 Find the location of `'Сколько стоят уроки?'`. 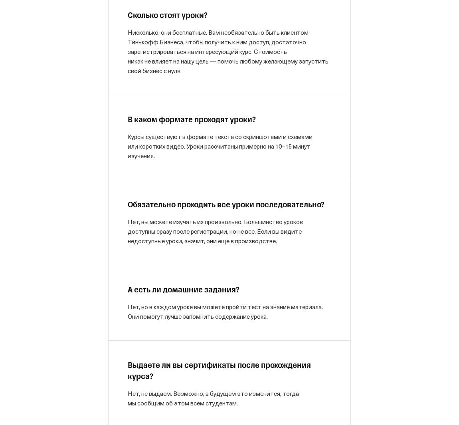

'Сколько стоят уроки?' is located at coordinates (167, 16).